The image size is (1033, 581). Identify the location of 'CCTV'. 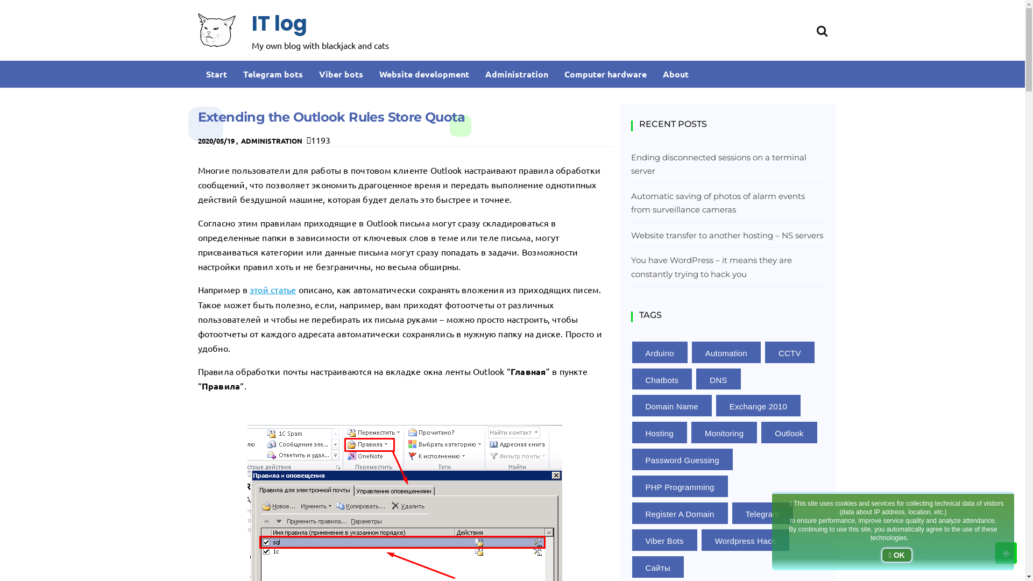
(790, 352).